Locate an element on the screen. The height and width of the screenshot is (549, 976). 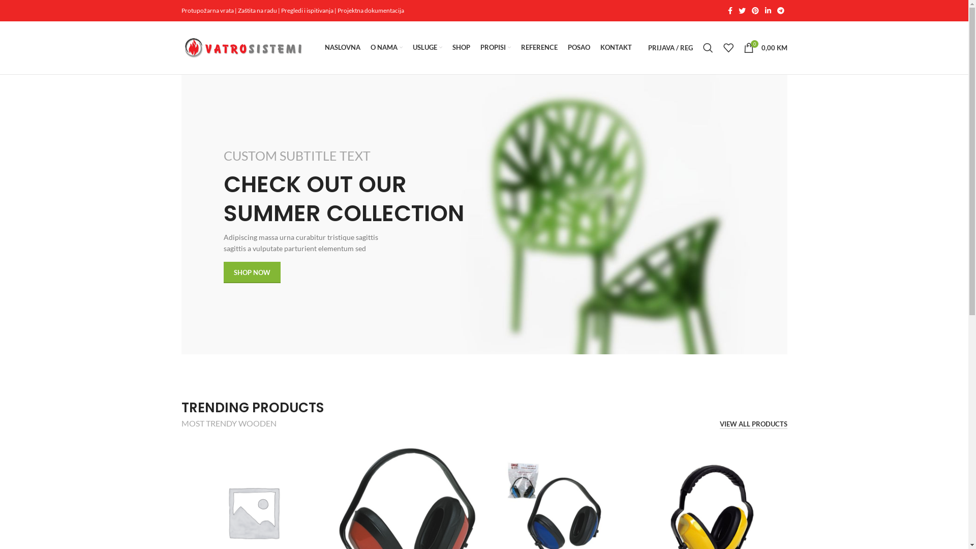
'SHOP NOW' is located at coordinates (252, 272).